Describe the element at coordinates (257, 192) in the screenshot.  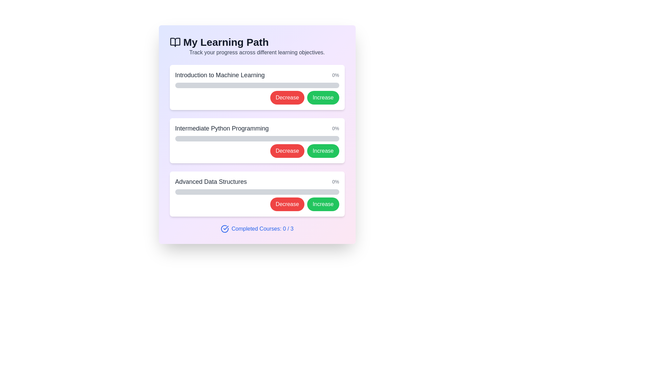
I see `the third progress bar located in the 'Advanced Data Structures' section, which visually represents progress and is positioned above the 'Decrease' and 'Increase' buttons` at that location.